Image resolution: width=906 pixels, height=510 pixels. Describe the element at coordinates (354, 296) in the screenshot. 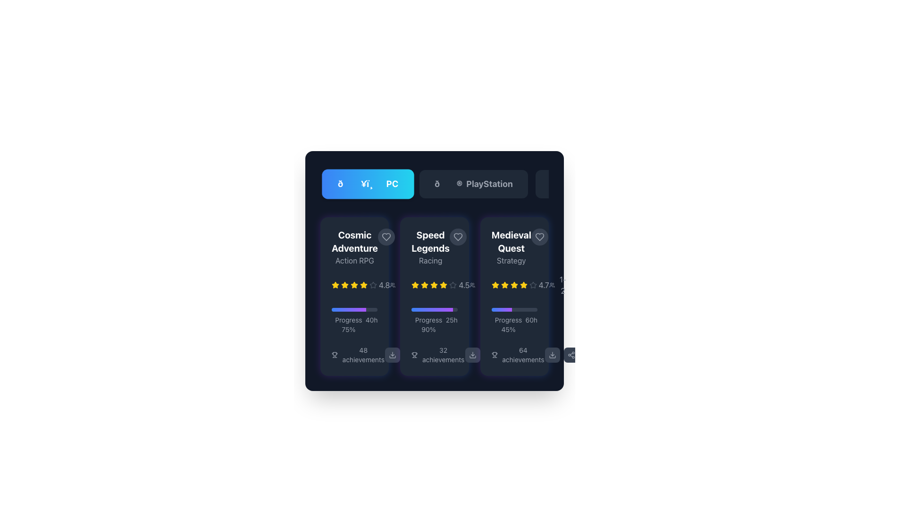

I see `the Card UI component that presents detailed information about the game 'Cosmic Adventure', which is positioned as the first item in a three-column grid` at that location.